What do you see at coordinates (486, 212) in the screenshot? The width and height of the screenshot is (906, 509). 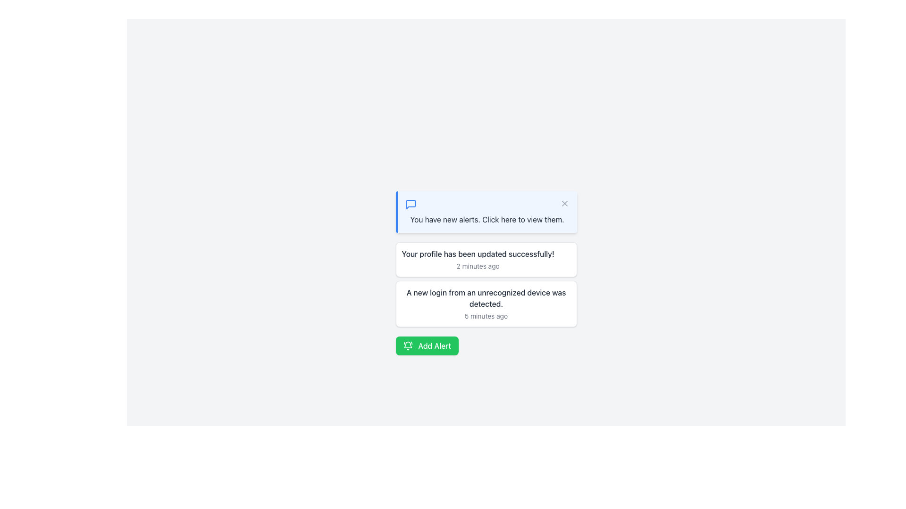 I see `the notification box with a light blue background that contains the message 'You have new alerts. Click here` at bounding box center [486, 212].